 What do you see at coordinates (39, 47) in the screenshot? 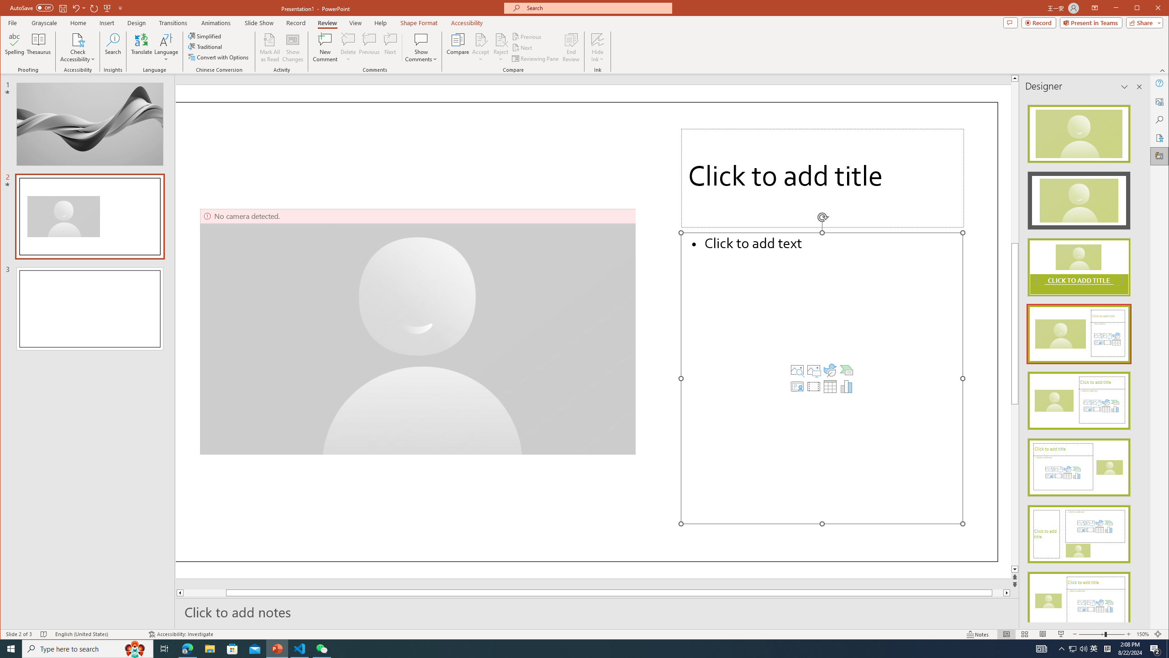
I see `'Thesaurus...'` at bounding box center [39, 47].